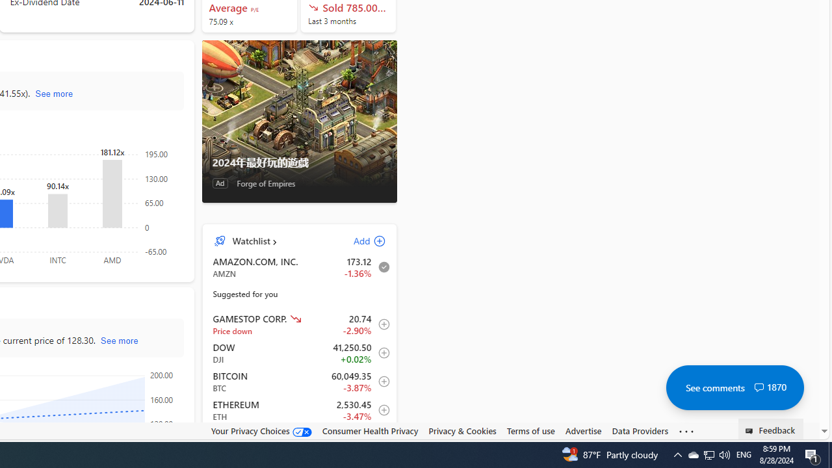 The height and width of the screenshot is (468, 832). Describe the element at coordinates (380, 439) in the screenshot. I see `'Add to Watchlist'` at that location.